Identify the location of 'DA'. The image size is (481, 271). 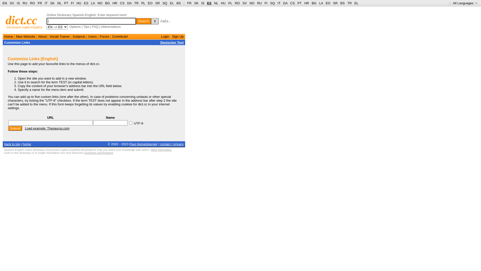
(285, 3).